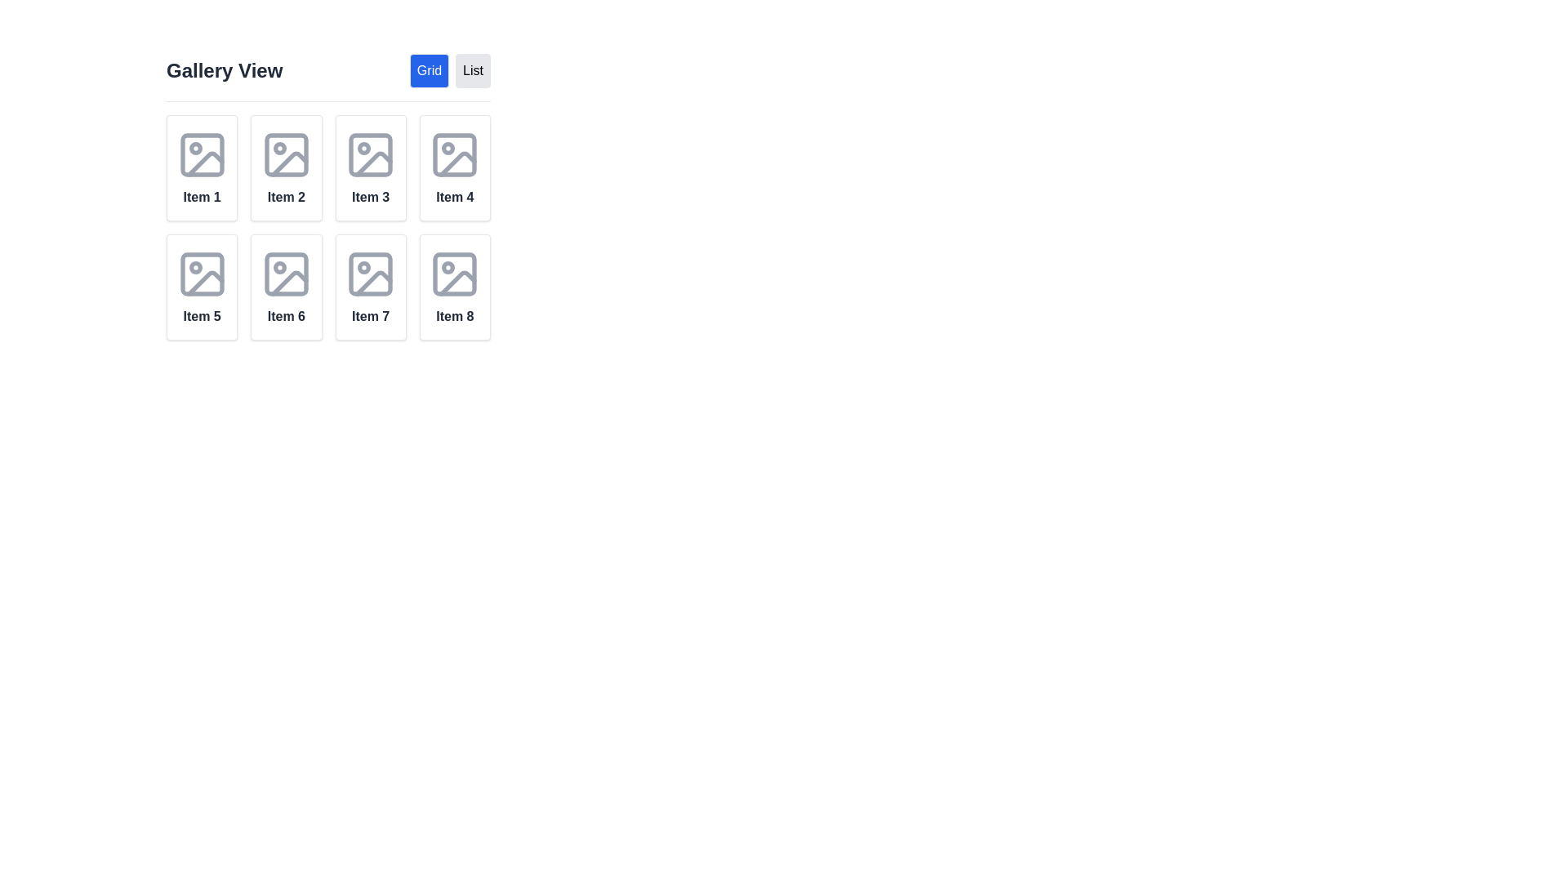  I want to click on the SVG circle element located inside the fourth grid cell of the gallery layout, which serves as a visual indicator in the image icon, so click(448, 148).